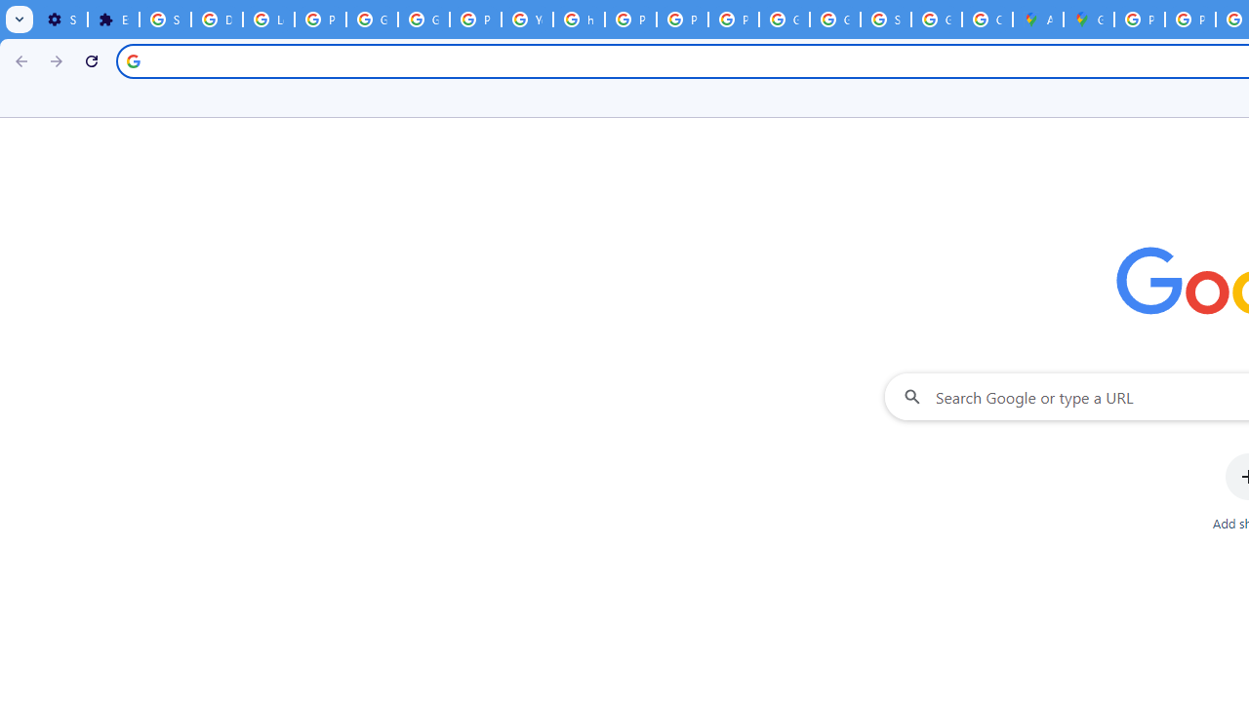 This screenshot has height=702, width=1249. I want to click on 'YouTube', so click(527, 19).